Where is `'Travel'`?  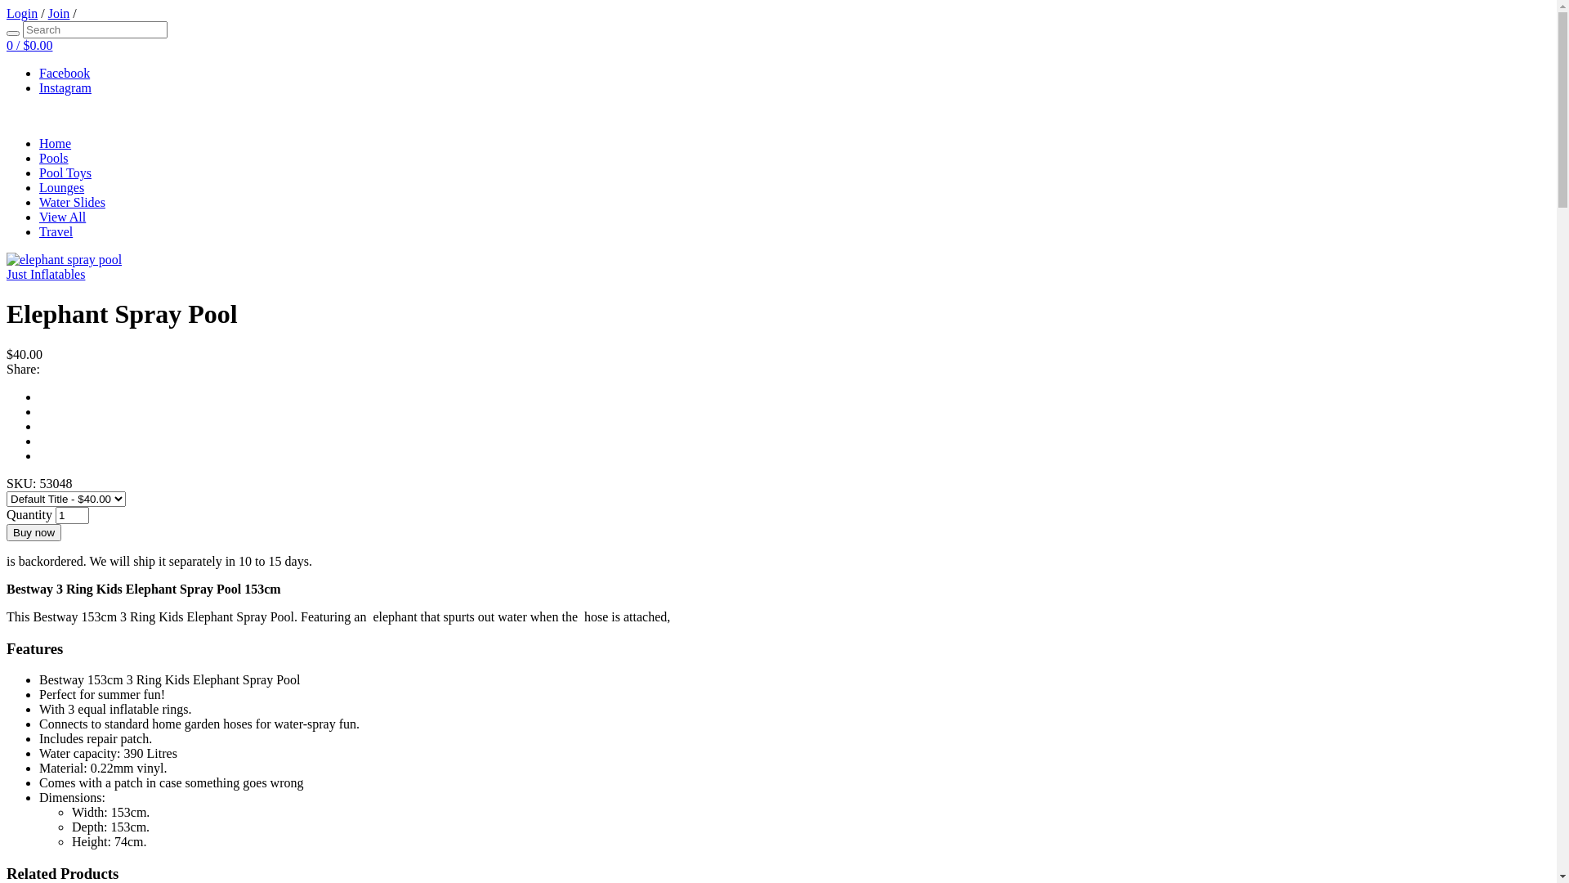 'Travel' is located at coordinates (56, 231).